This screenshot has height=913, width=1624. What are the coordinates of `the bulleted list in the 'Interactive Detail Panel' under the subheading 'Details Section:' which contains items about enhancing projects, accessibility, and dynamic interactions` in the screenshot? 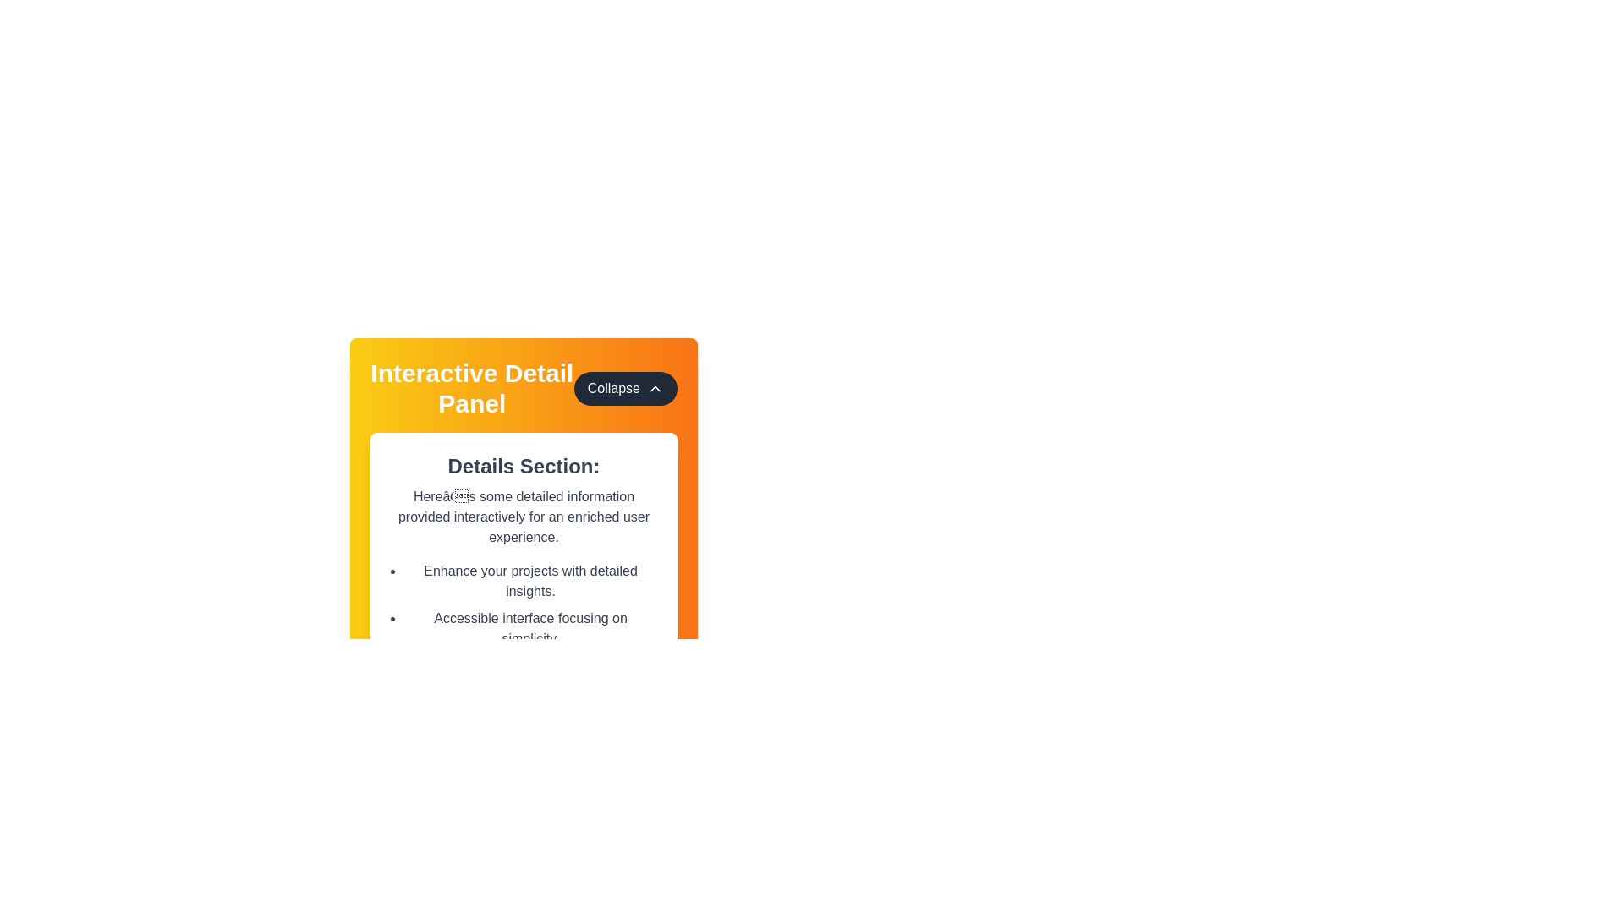 It's located at (529, 629).